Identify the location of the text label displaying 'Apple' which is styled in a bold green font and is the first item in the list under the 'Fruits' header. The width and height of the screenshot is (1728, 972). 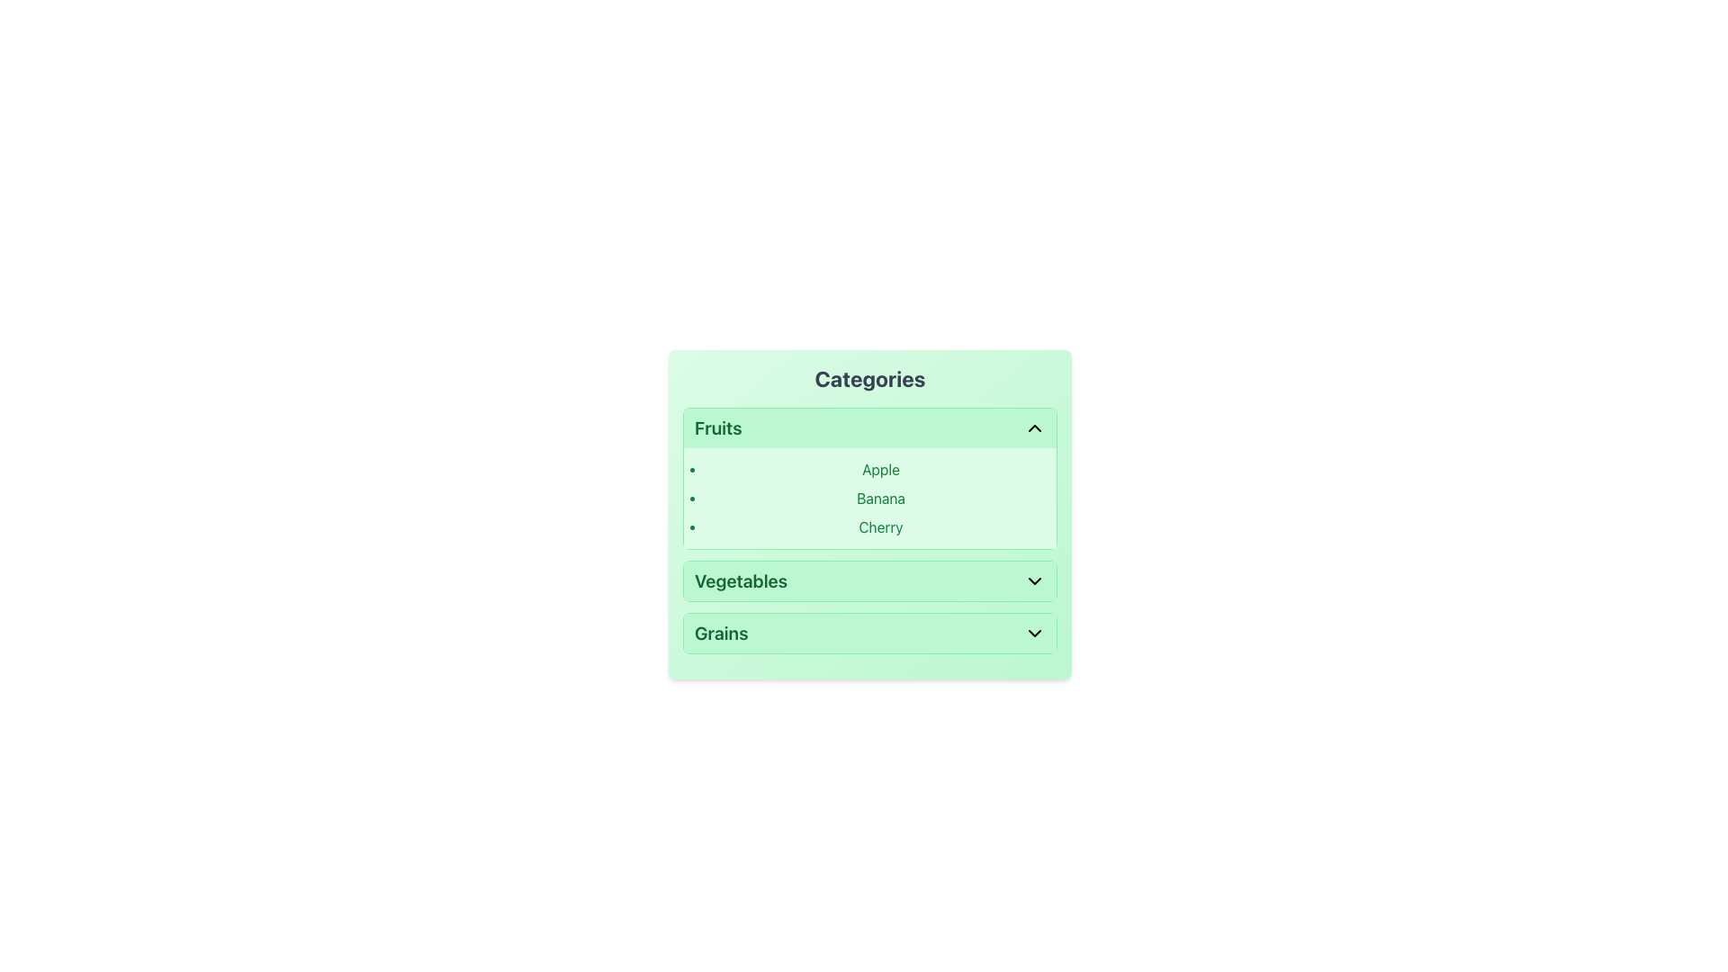
(881, 468).